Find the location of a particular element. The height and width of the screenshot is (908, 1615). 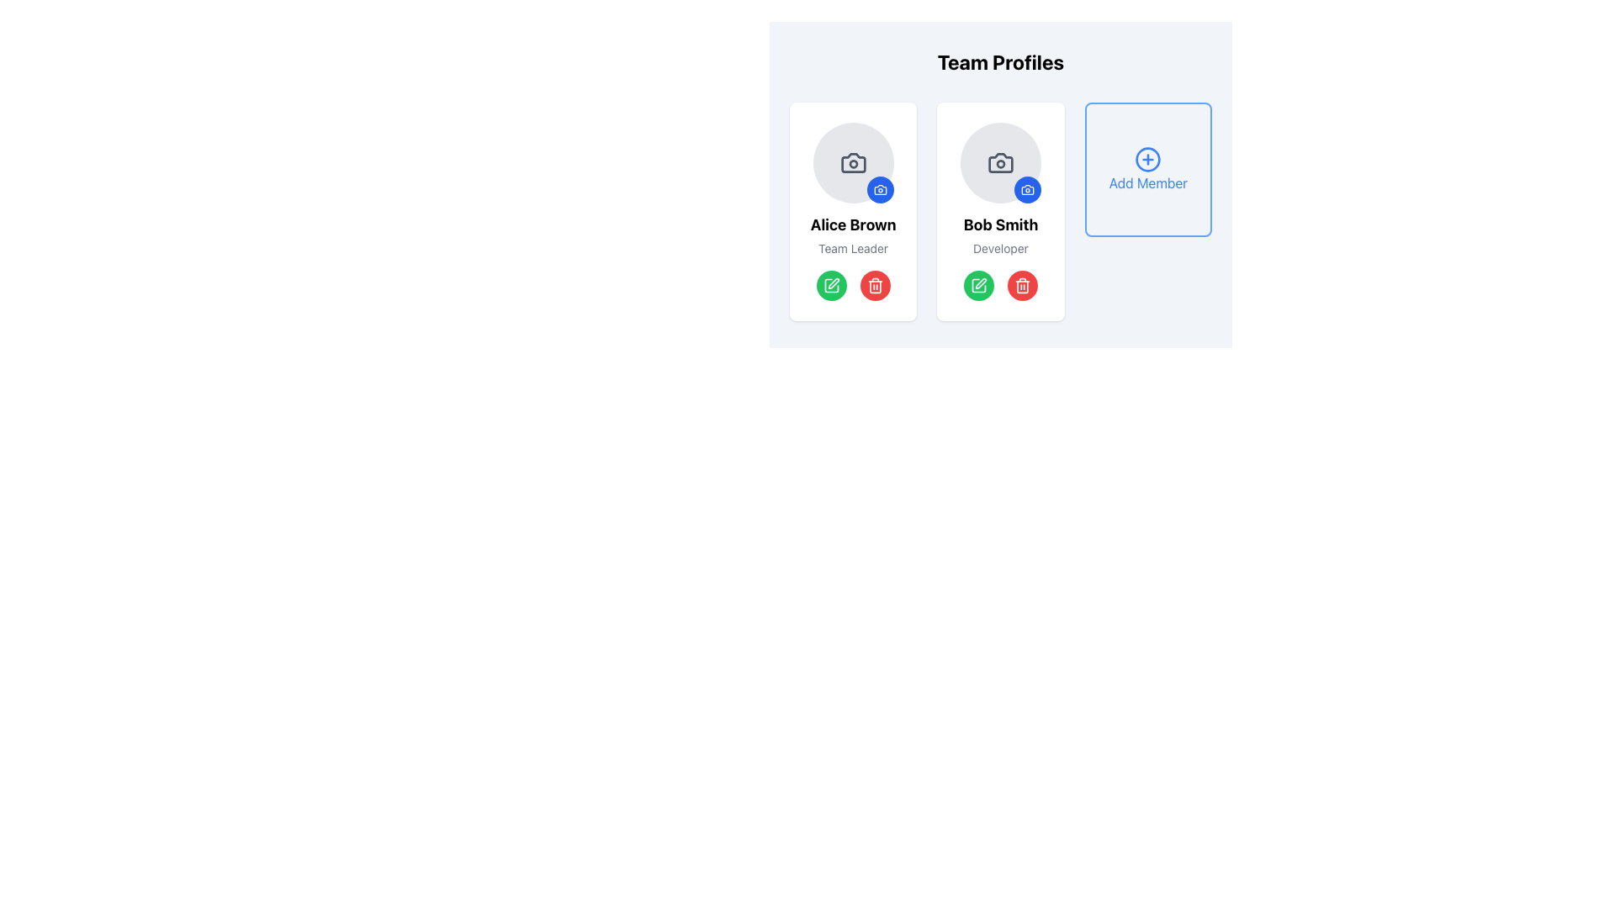

the pen icon button representing editing functionality in Bob Smith's profile within the 'Team Profiles' section is located at coordinates (981, 282).